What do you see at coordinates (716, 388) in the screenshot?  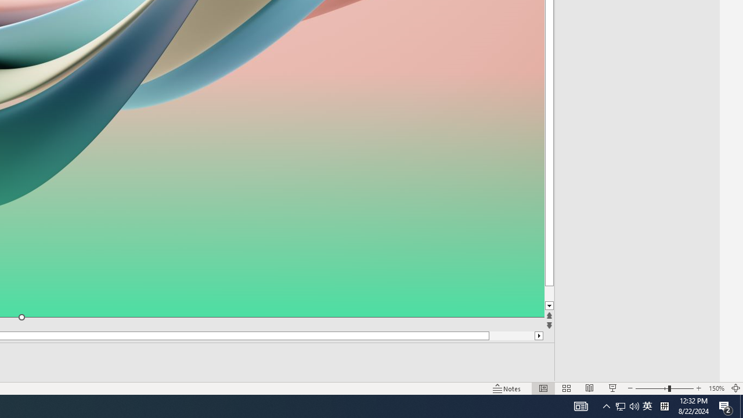 I see `'Zoom 150%'` at bounding box center [716, 388].